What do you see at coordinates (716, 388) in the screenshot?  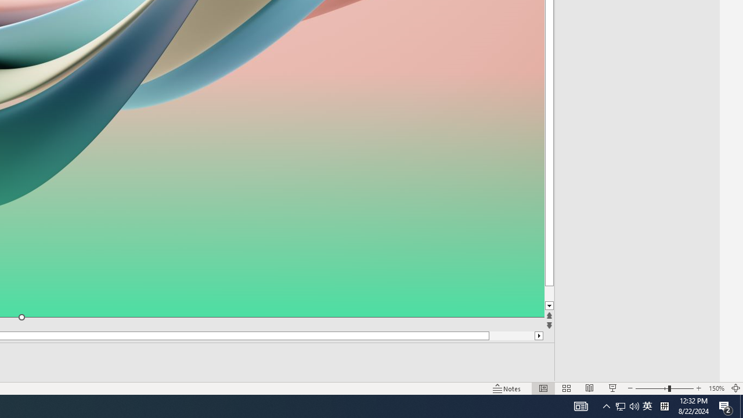 I see `'Zoom 150%'` at bounding box center [716, 388].